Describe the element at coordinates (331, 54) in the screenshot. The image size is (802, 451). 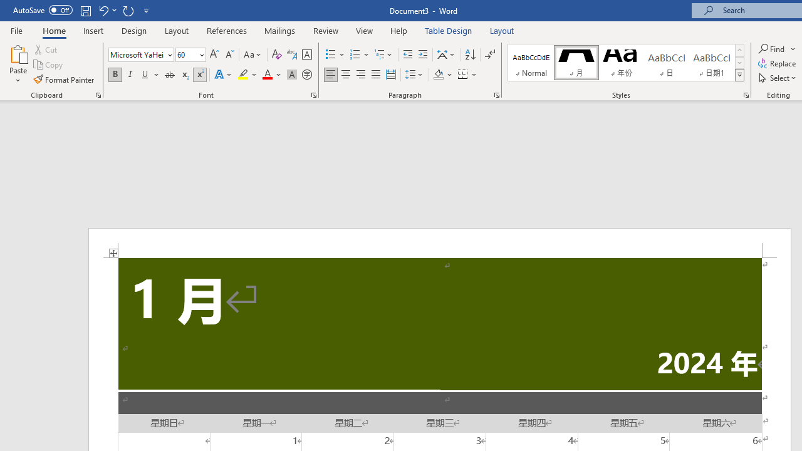
I see `'Bullets'` at that location.